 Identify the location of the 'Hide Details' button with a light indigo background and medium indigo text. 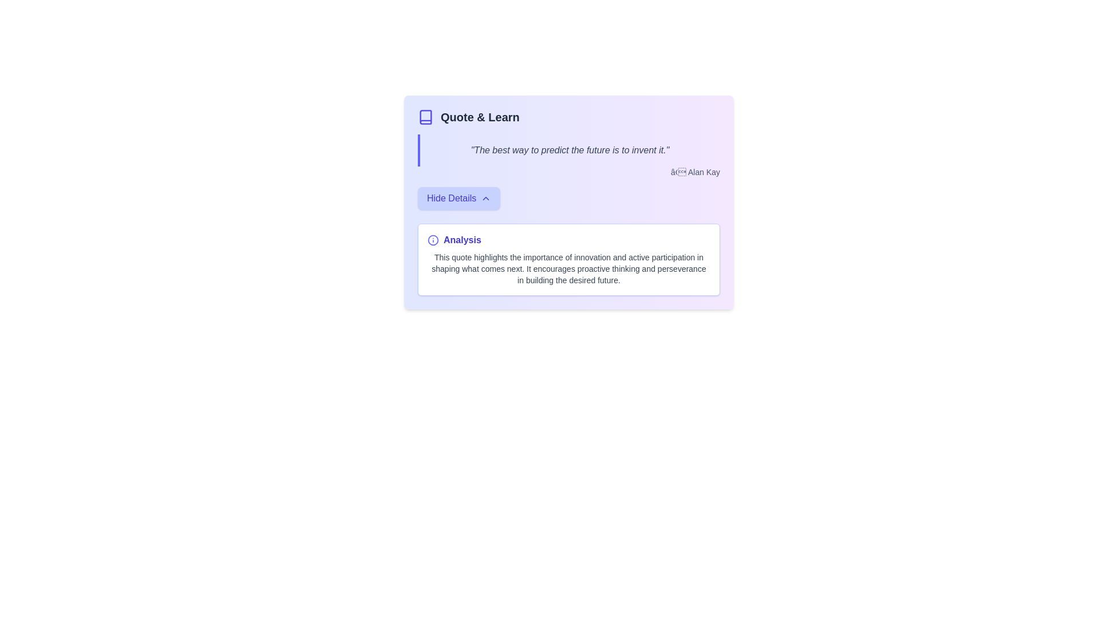
(458, 198).